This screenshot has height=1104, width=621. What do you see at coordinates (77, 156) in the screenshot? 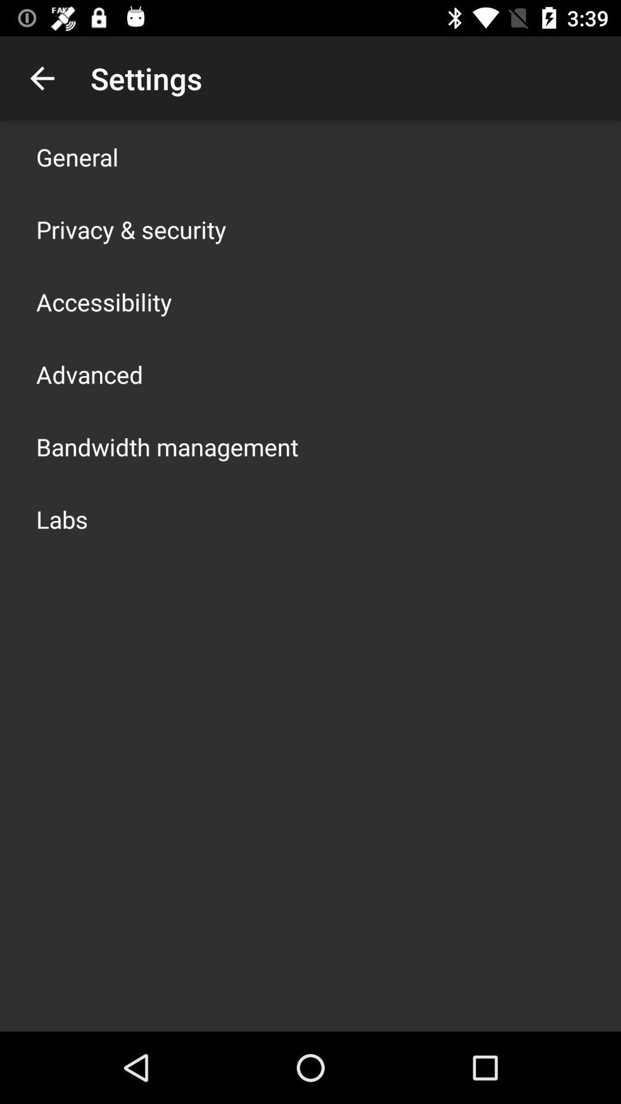
I see `the icon above privacy & security app` at bounding box center [77, 156].